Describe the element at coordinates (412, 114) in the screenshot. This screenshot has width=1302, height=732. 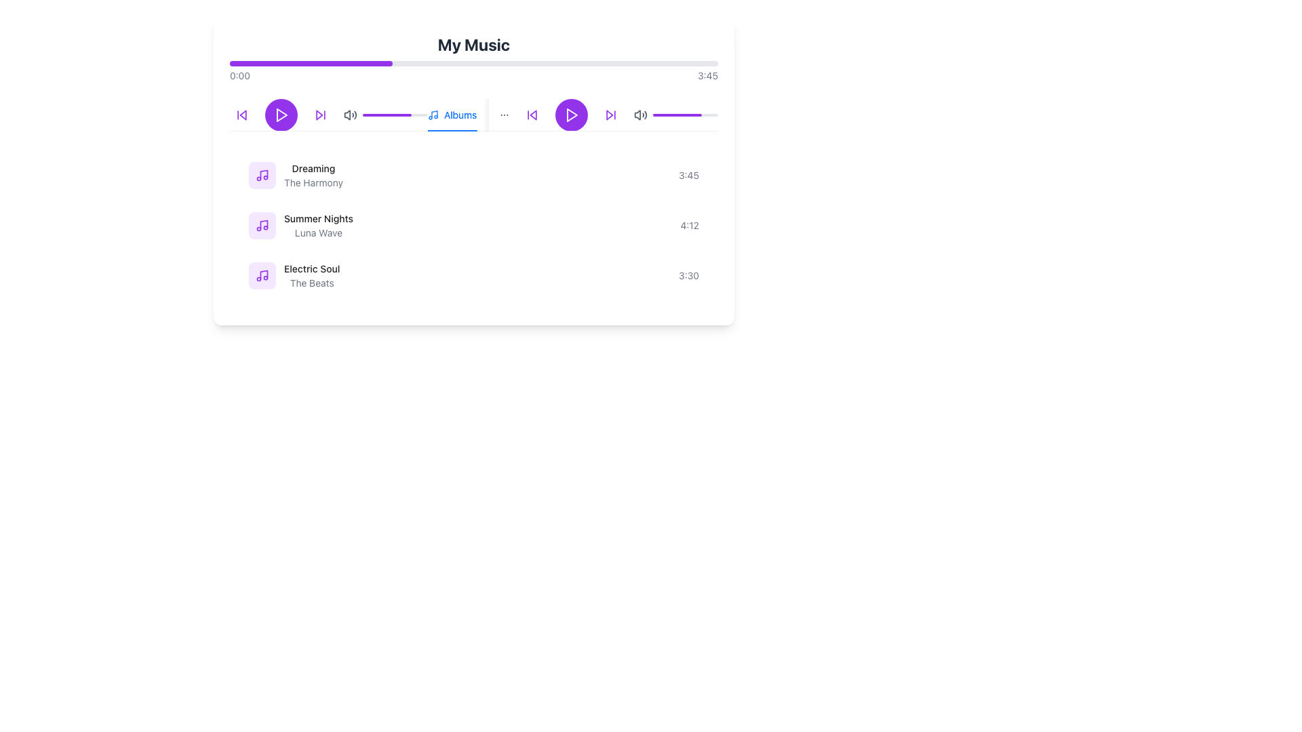
I see `the progress value` at that location.